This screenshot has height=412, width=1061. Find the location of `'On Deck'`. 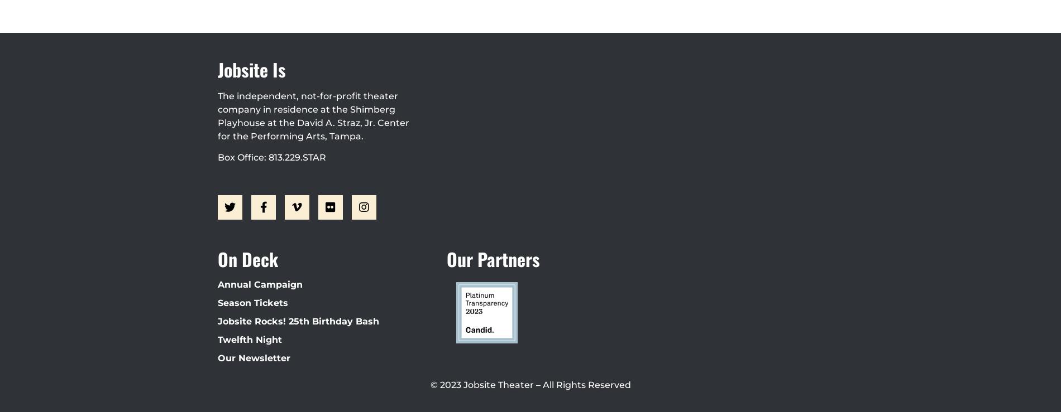

'On Deck' is located at coordinates (247, 258).